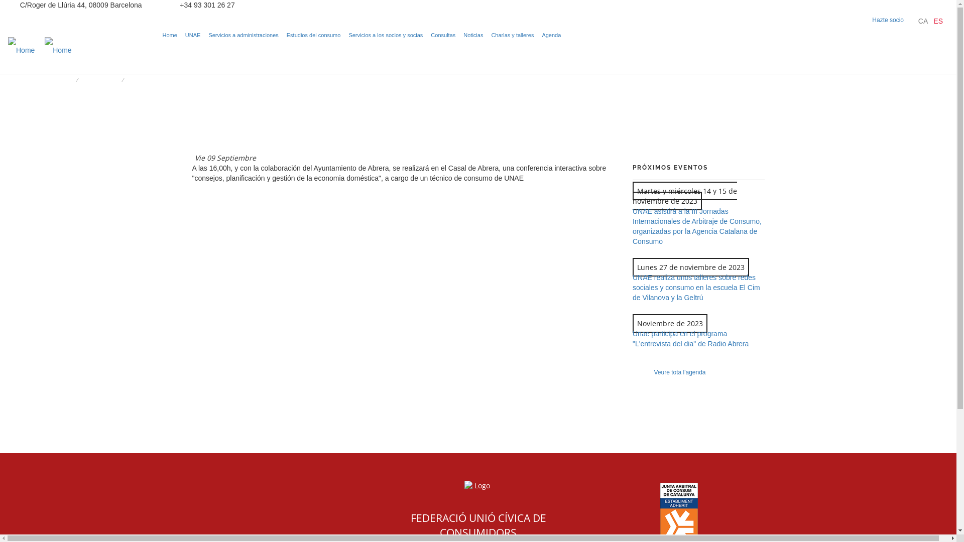 The width and height of the screenshot is (964, 542). I want to click on 'CA', so click(923, 21).